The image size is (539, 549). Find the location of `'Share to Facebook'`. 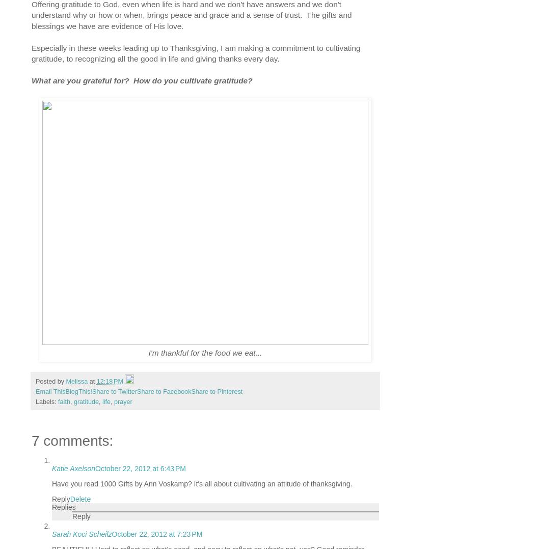

'Share to Facebook' is located at coordinates (163, 391).